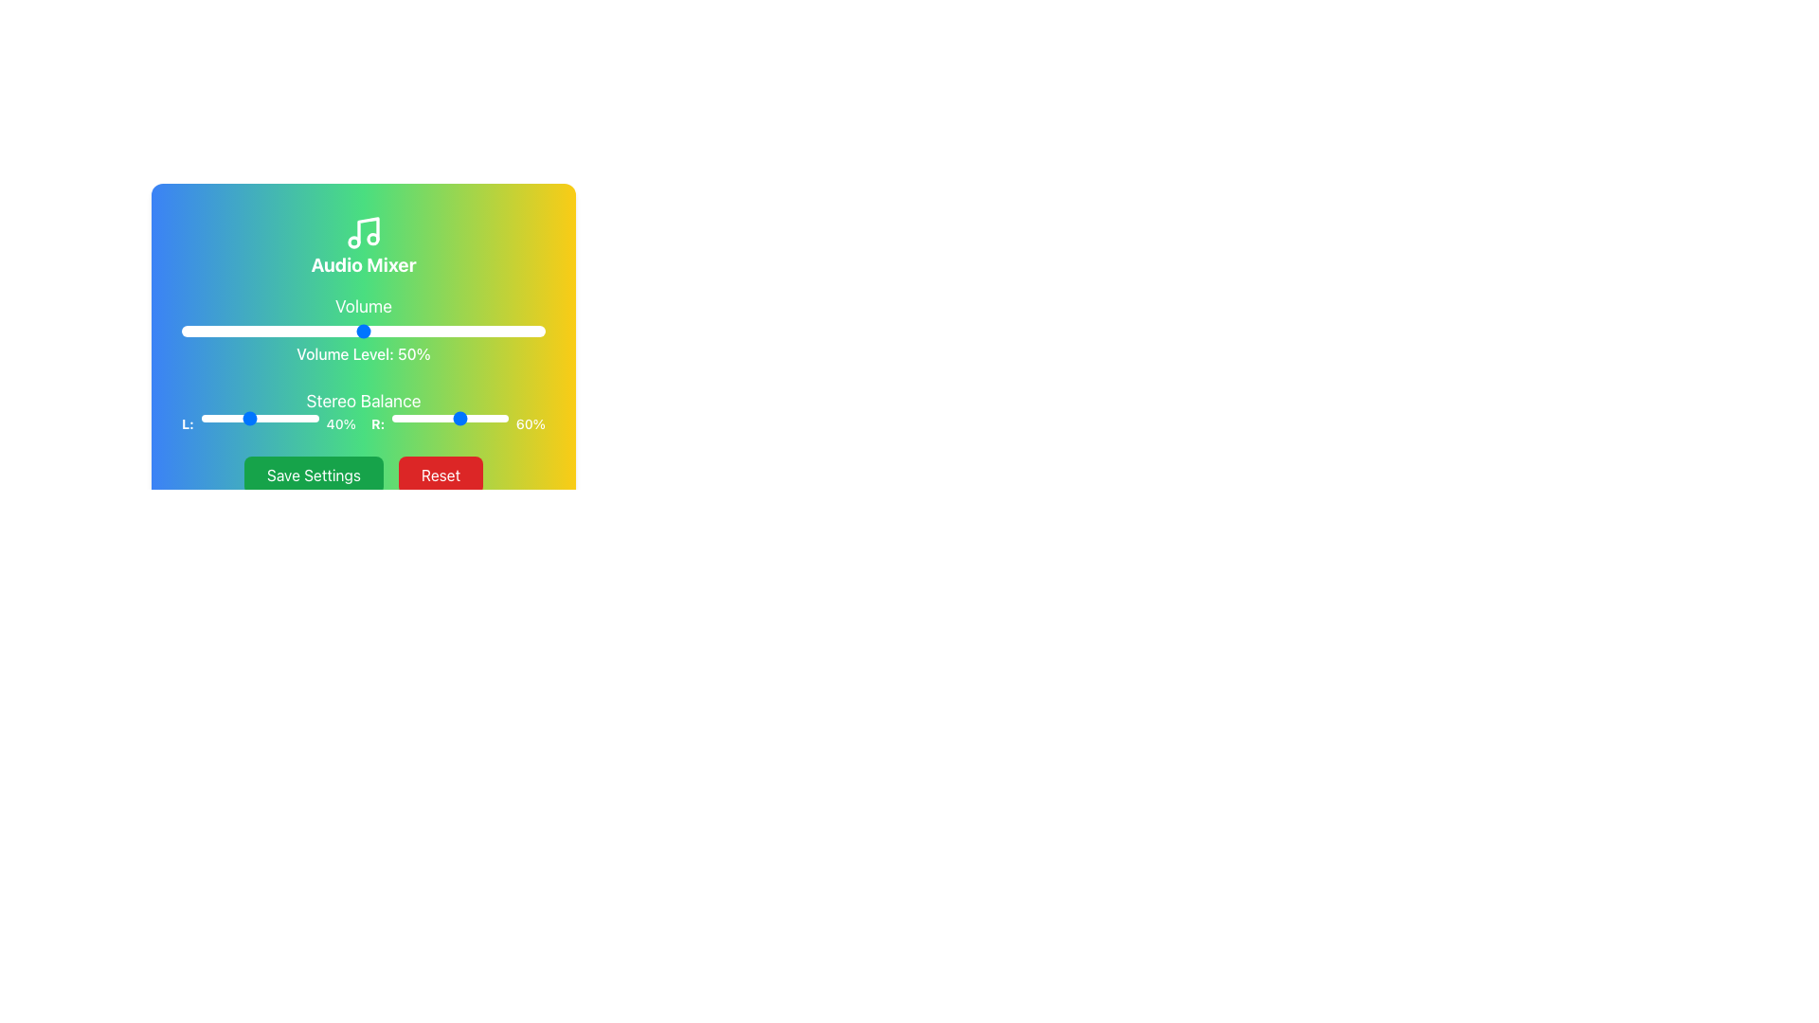  I want to click on the left stereo balance, so click(215, 418).